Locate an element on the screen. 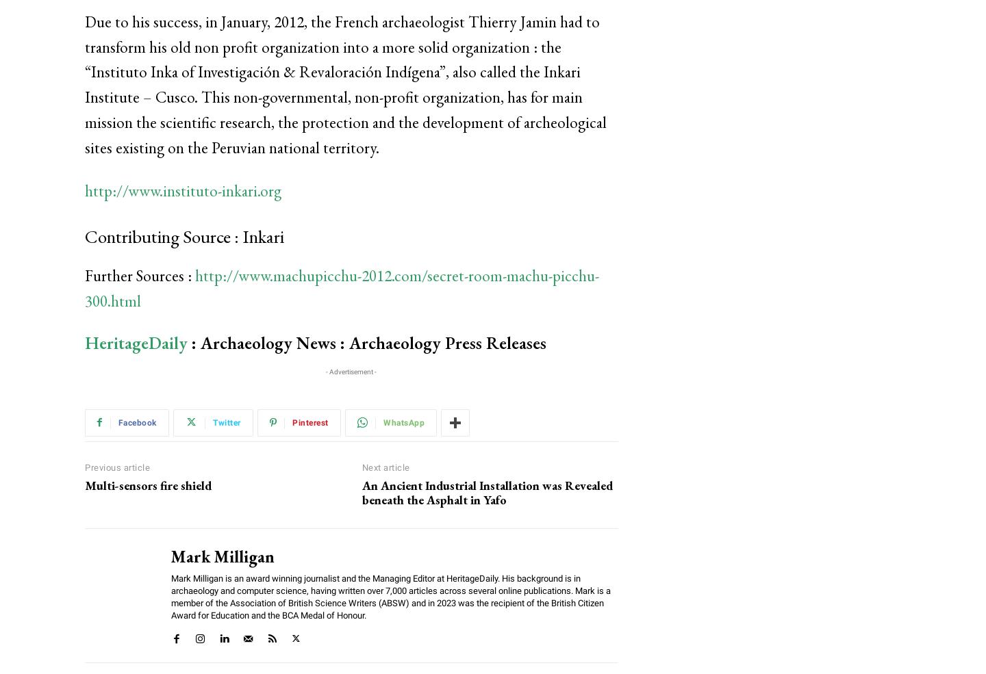 The image size is (986, 674). 'WhatsApp' is located at coordinates (383, 422).